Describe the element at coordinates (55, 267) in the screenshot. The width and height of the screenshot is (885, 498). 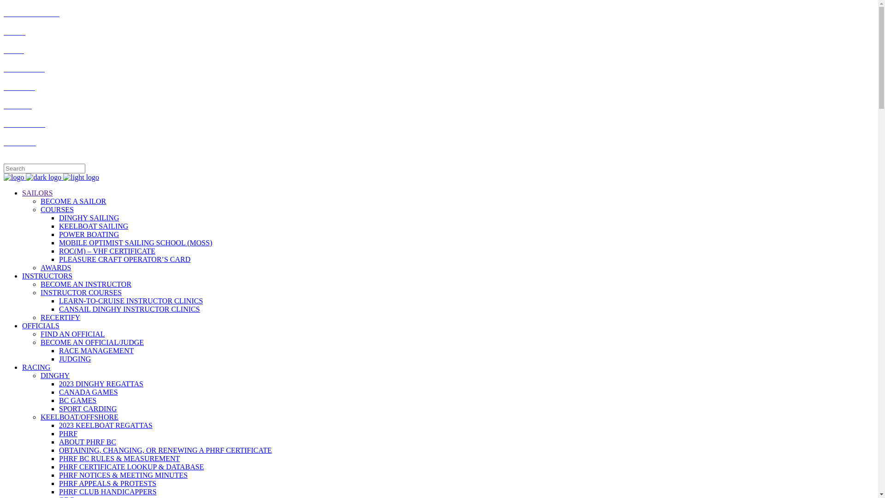
I see `'AWARDS'` at that location.